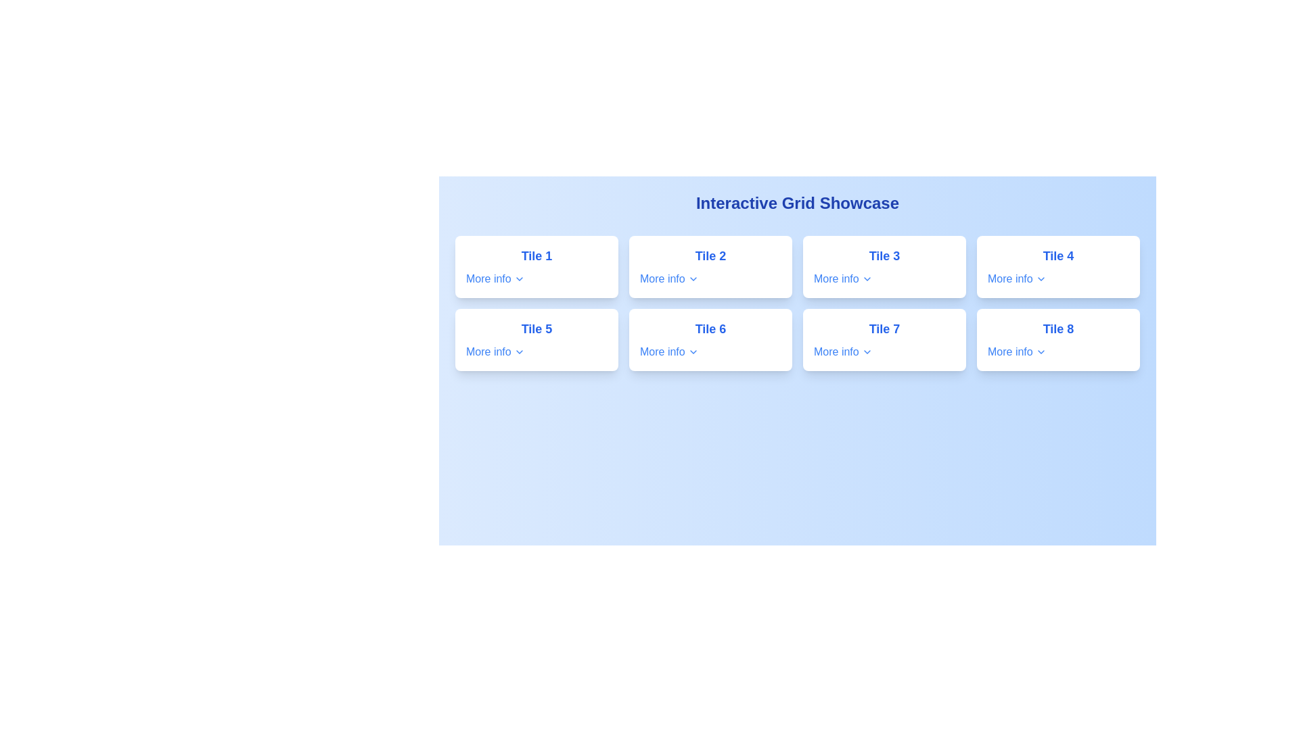 This screenshot has width=1299, height=730. Describe the element at coordinates (884, 328) in the screenshot. I see `prominent blue text label 'Tile 7' located in the first column of the second row in the grid, which is visually distinct due to its bold font and color` at that location.